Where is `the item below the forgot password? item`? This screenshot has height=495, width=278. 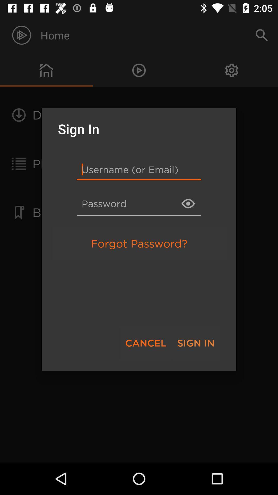 the item below the forgot password? item is located at coordinates (146, 343).